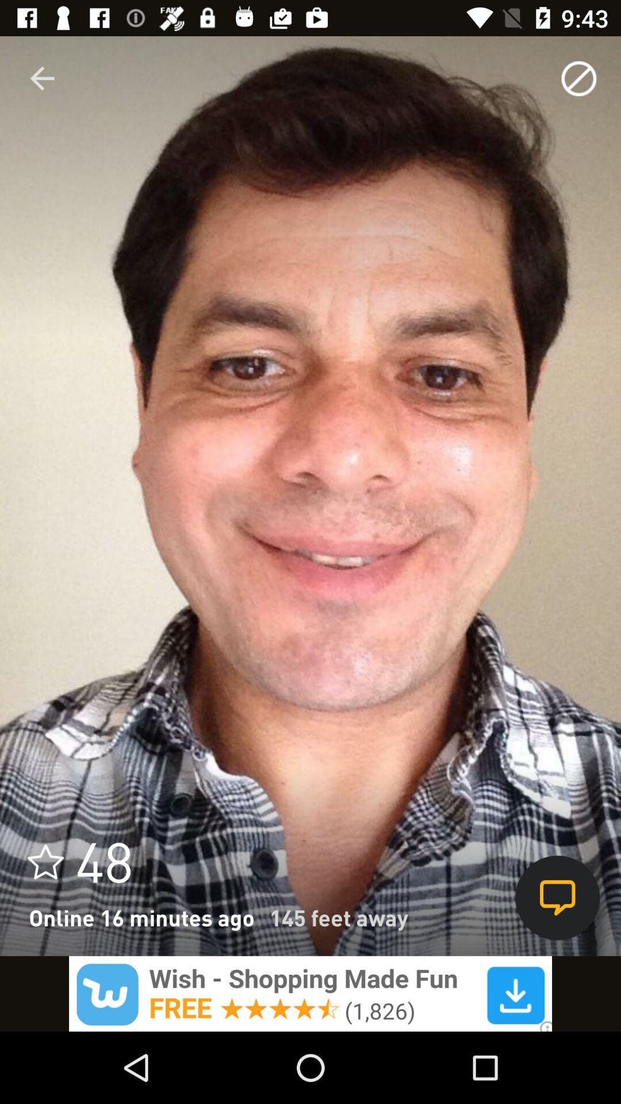 The width and height of the screenshot is (621, 1104). Describe the element at coordinates (557, 897) in the screenshot. I see `chat button` at that location.